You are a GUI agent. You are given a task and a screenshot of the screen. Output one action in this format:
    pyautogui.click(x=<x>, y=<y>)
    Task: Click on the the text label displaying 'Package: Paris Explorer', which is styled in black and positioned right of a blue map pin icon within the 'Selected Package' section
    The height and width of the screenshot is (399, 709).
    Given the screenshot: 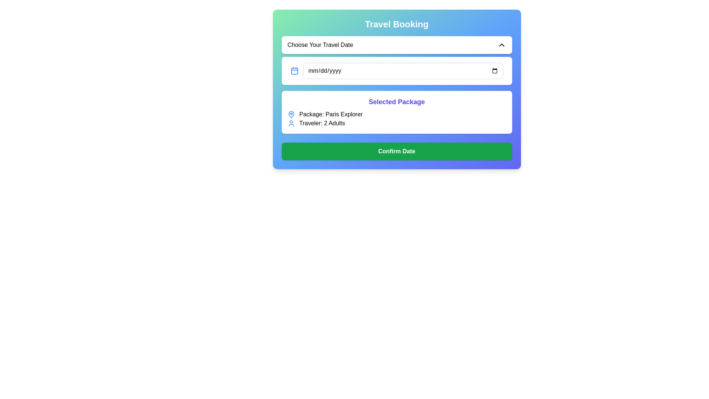 What is the action you would take?
    pyautogui.click(x=330, y=114)
    